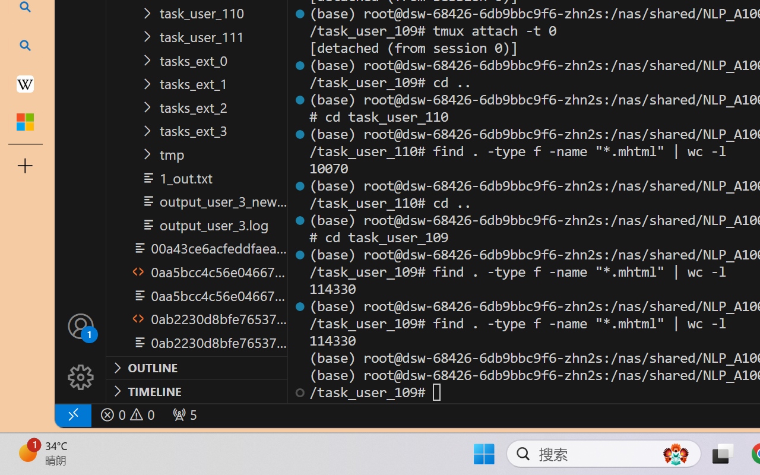 This screenshot has height=475, width=760. Describe the element at coordinates (126, 414) in the screenshot. I see `'No Problems'` at that location.